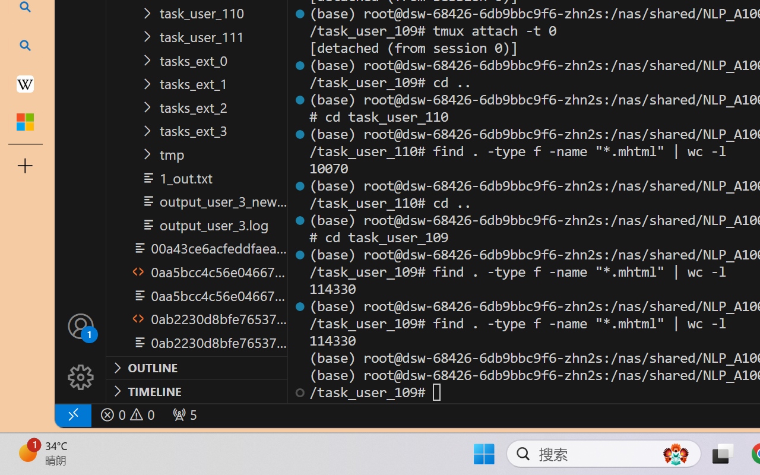 This screenshot has height=475, width=760. Describe the element at coordinates (126, 414) in the screenshot. I see `'No Problems'` at that location.